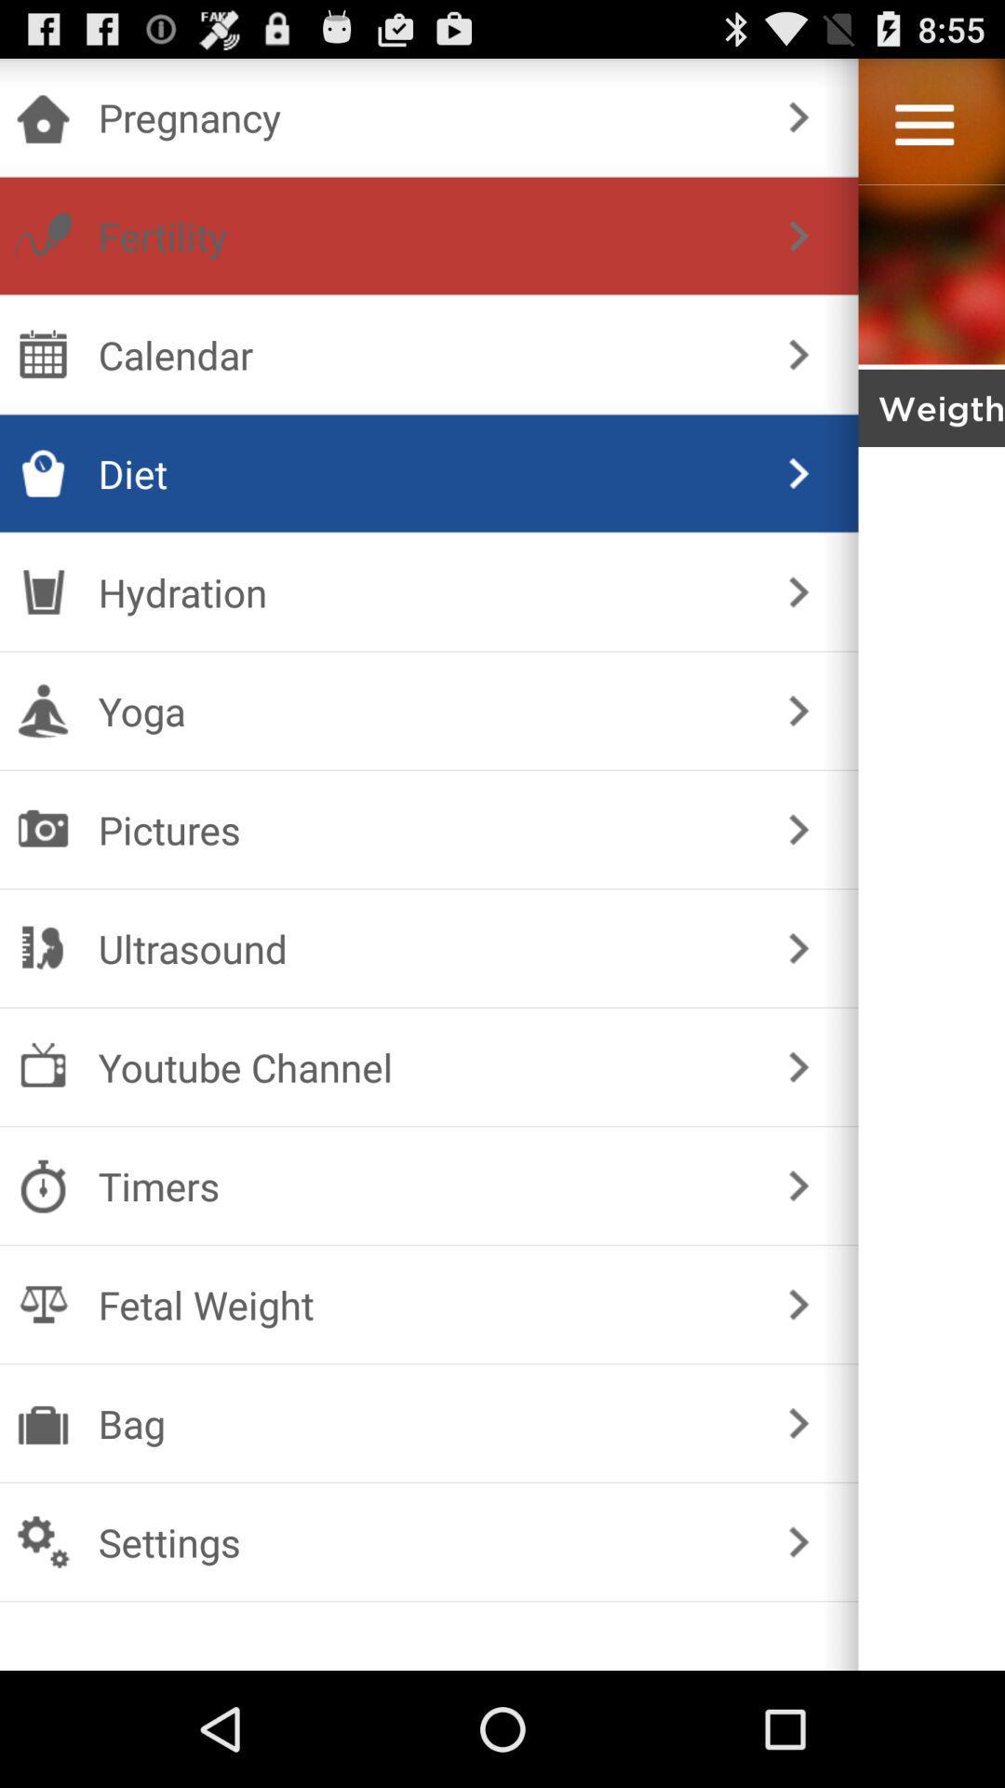 The height and width of the screenshot is (1788, 1005). I want to click on hide menu, so click(931, 992).